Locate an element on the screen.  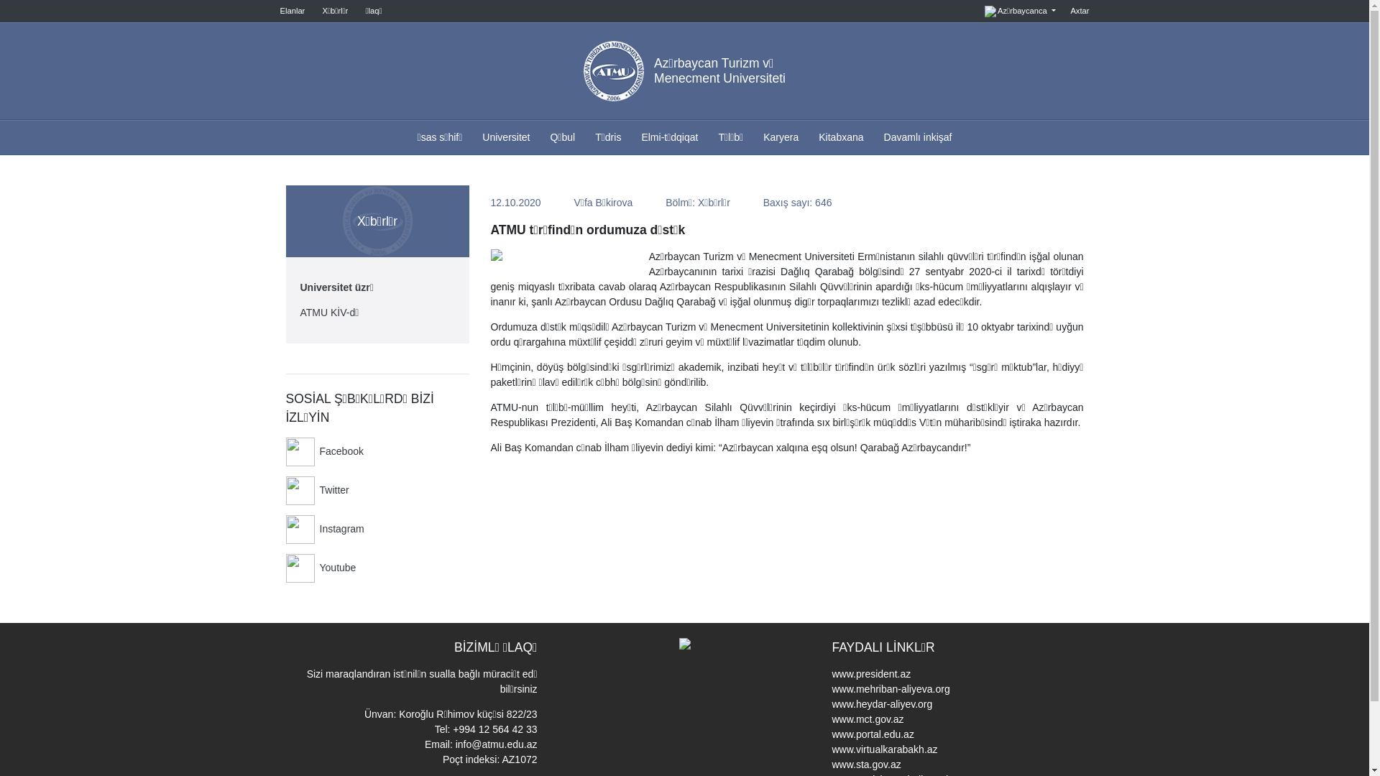
'www.mehriban-aliyeva.org' is located at coordinates (832, 688).